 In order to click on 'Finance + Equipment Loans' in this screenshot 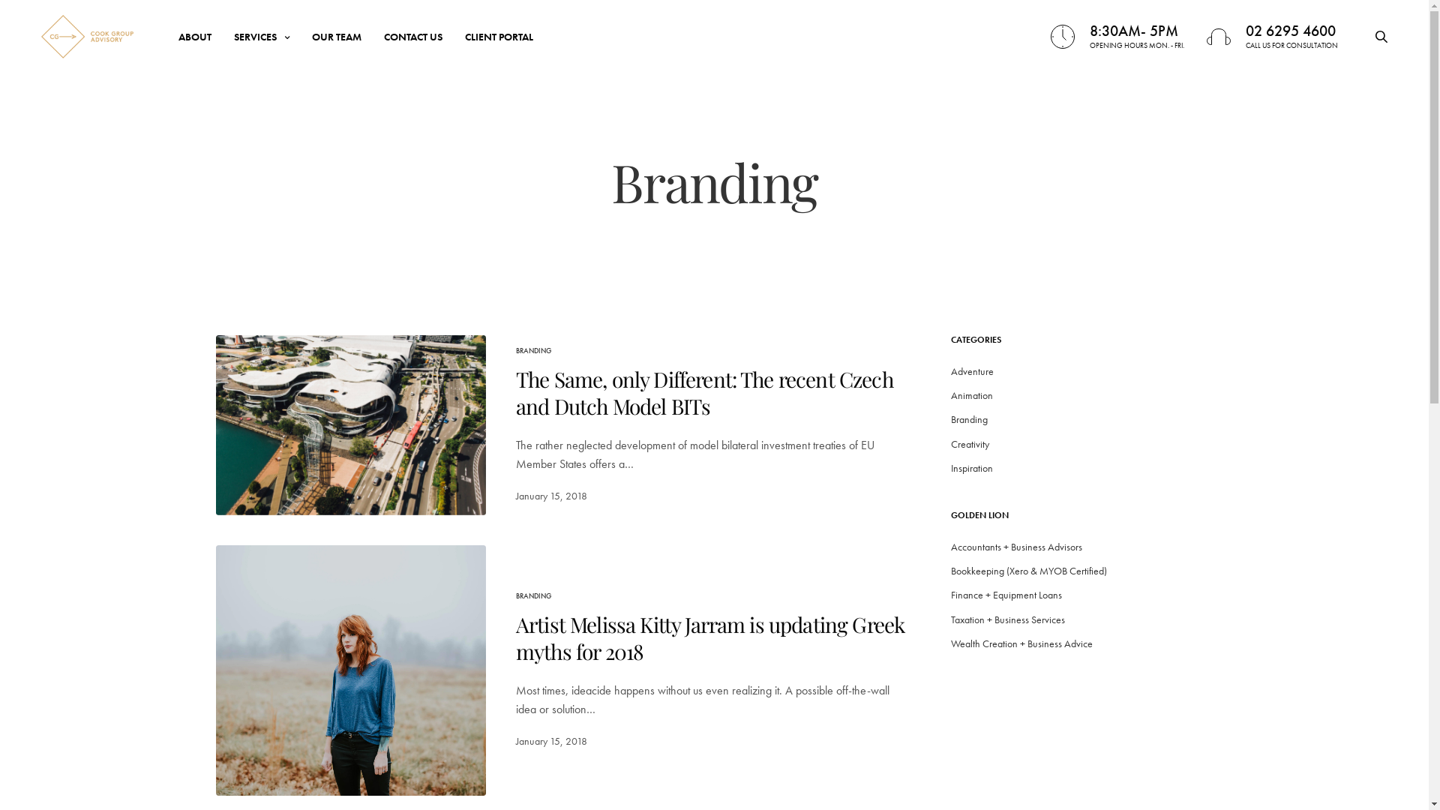, I will do `click(1006, 594)`.